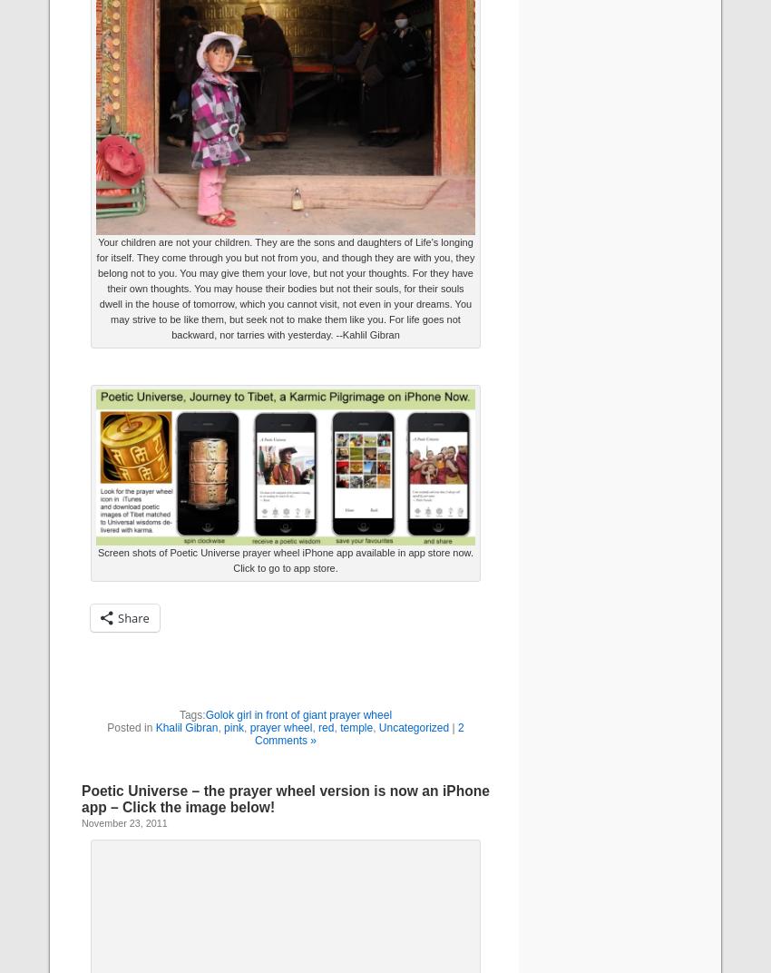 The image size is (771, 973). Describe the element at coordinates (154, 726) in the screenshot. I see `'Khalil Gibran'` at that location.